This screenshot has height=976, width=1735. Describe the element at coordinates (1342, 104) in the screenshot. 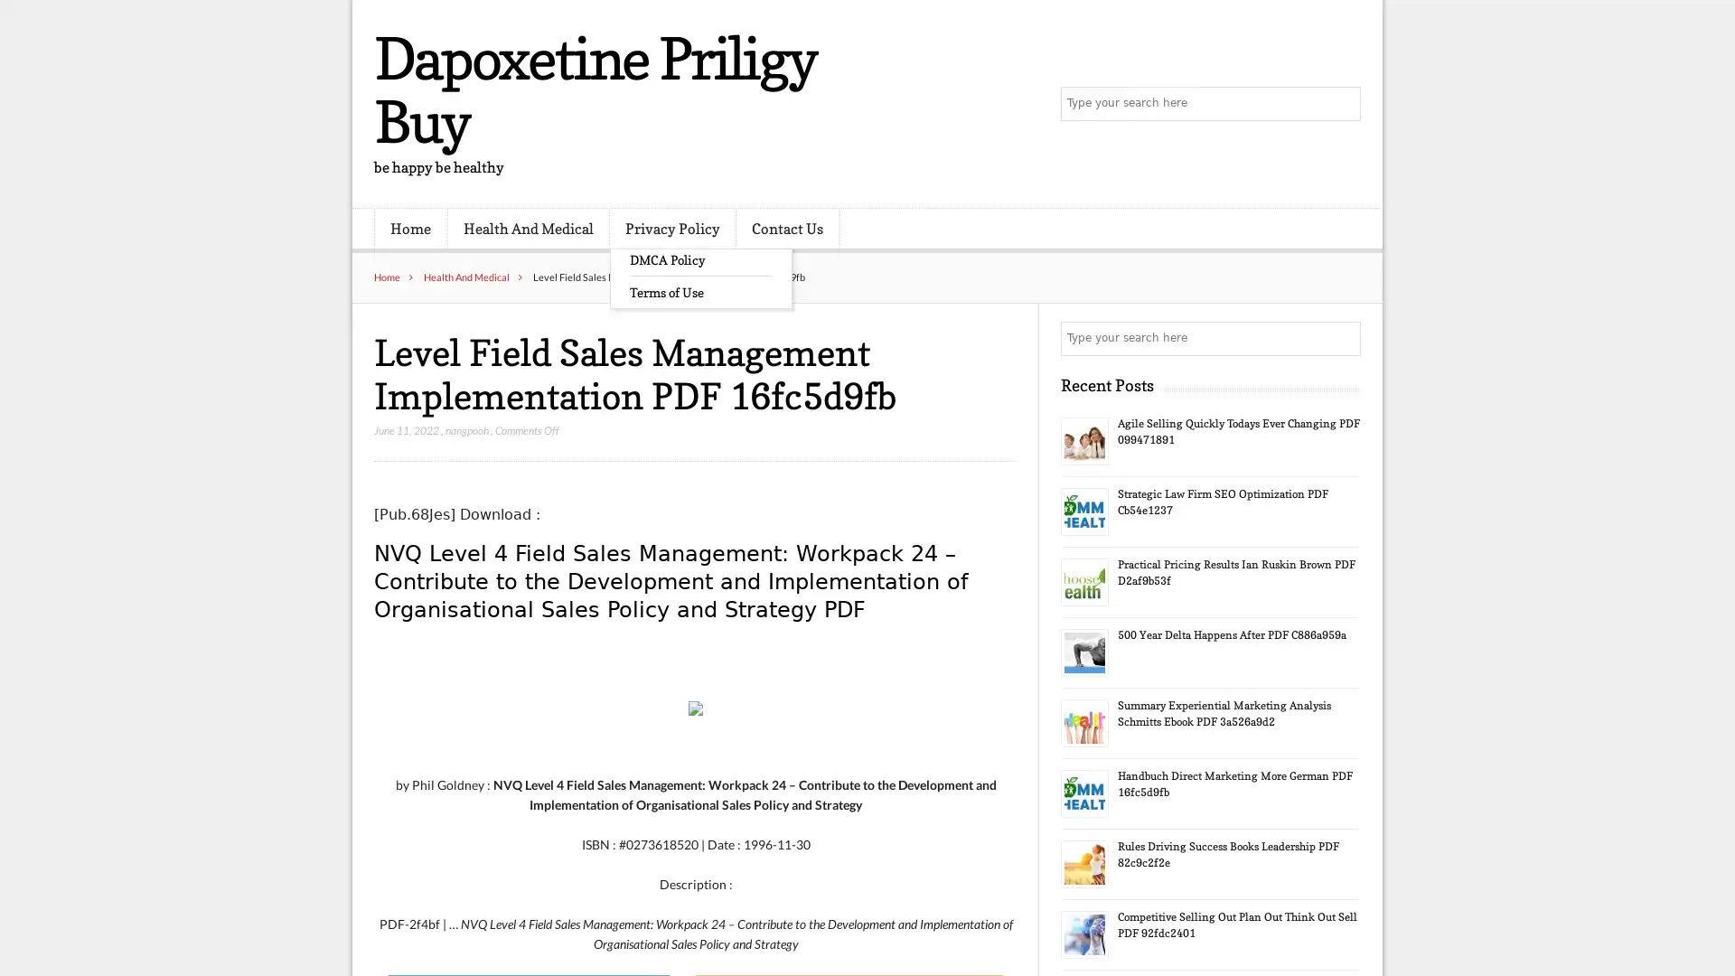

I see `Search` at that location.